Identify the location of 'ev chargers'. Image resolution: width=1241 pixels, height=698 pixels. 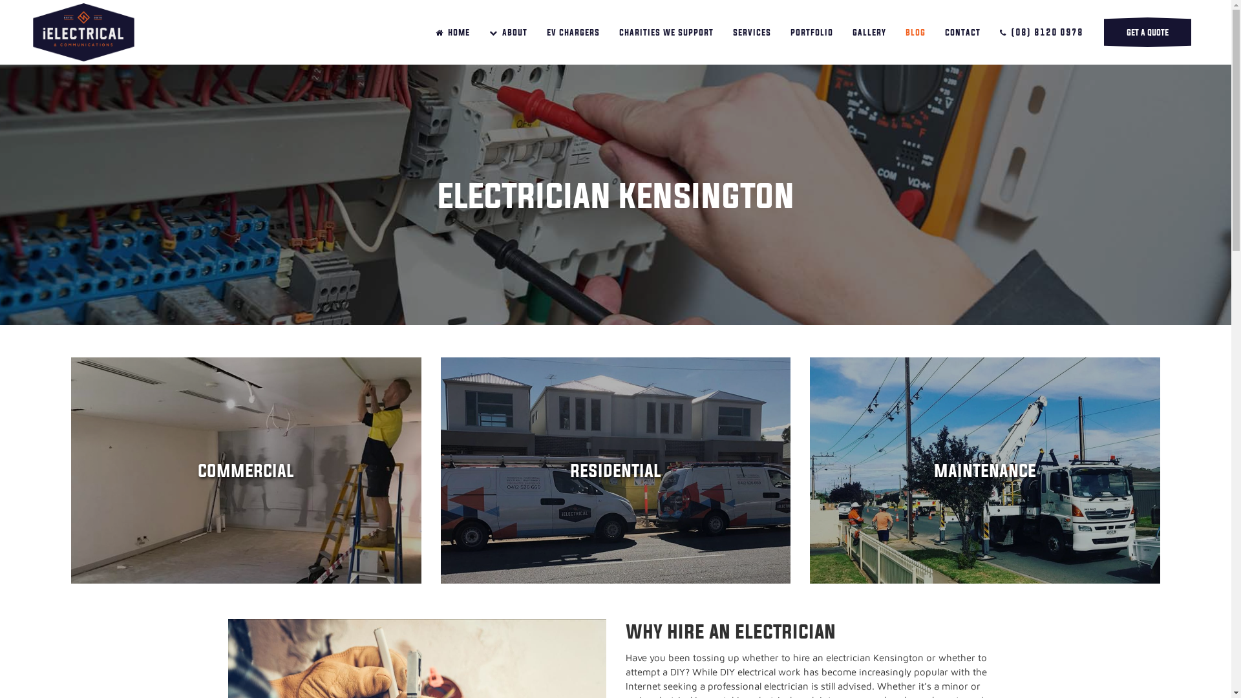
(573, 32).